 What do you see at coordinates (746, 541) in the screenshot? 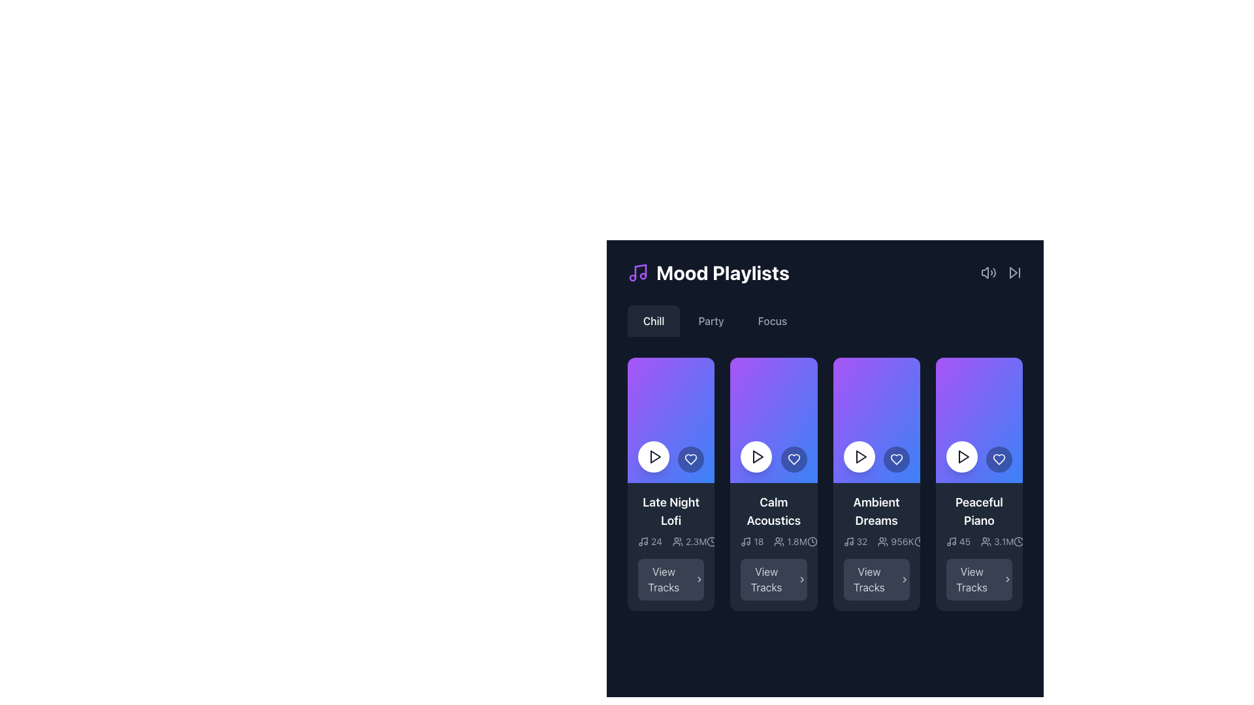
I see `the musical note icon located to the left of the text '18' within the 'Calm Acoustics' playlist card` at bounding box center [746, 541].